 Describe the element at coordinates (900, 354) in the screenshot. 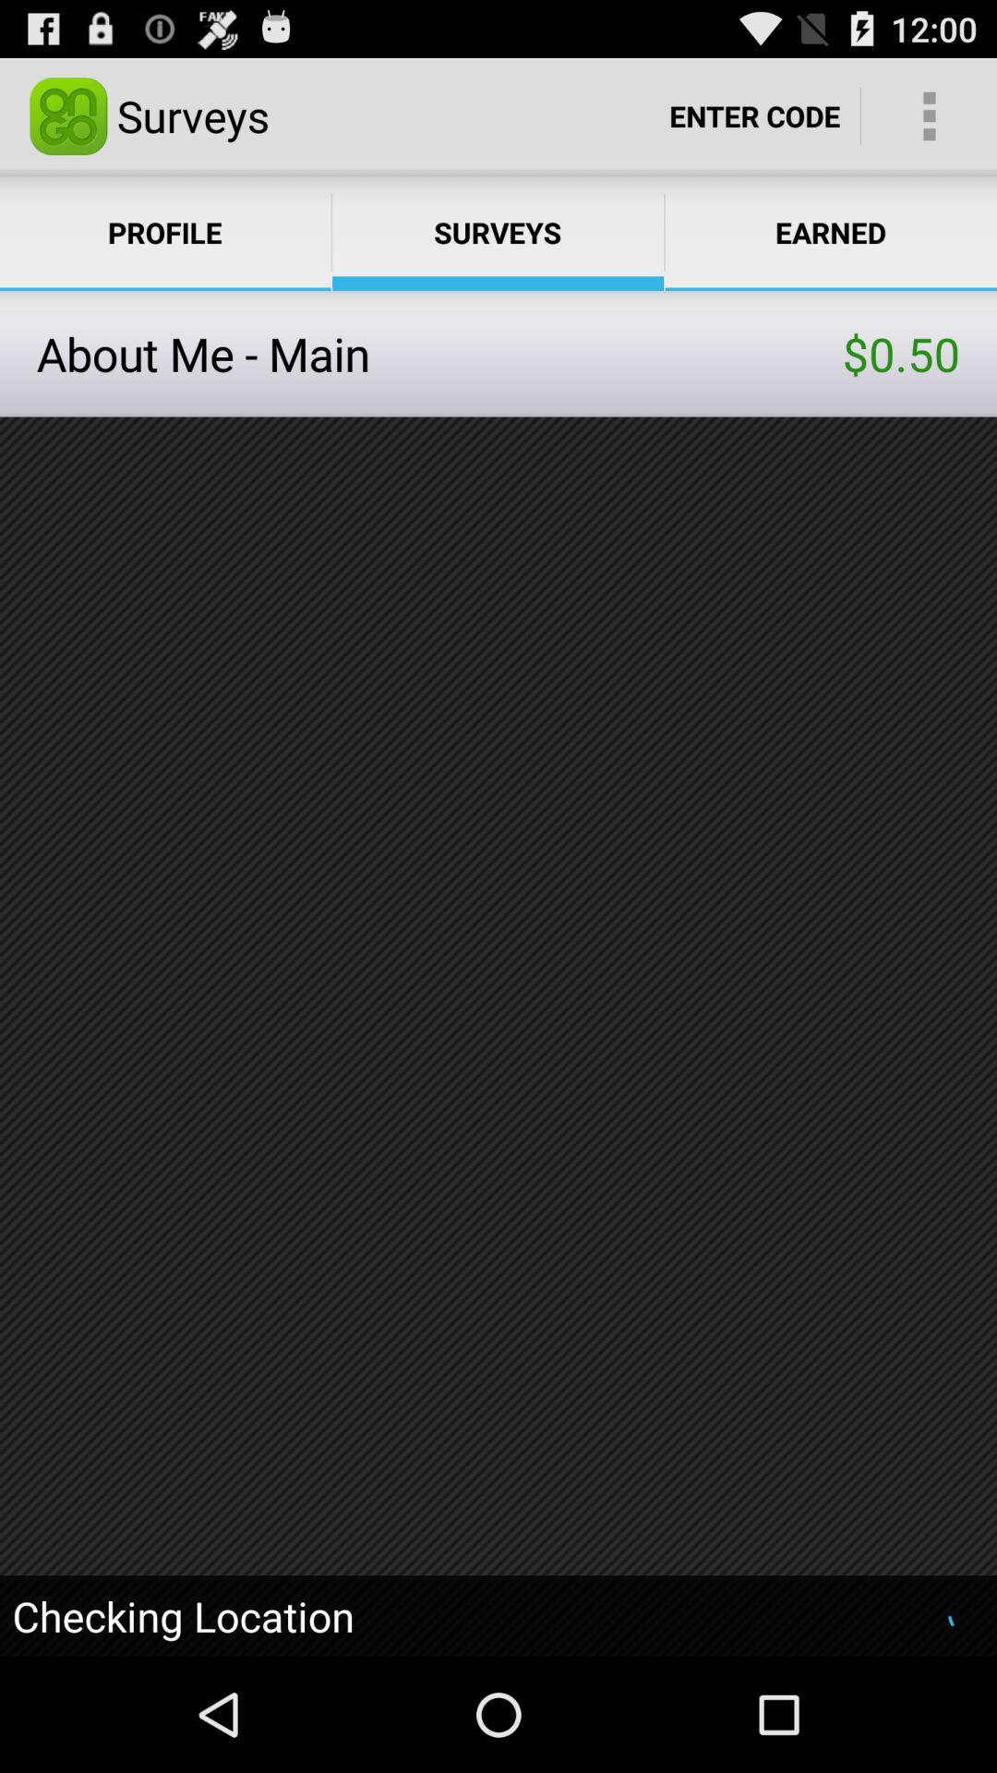

I see `the $0.50 icon` at that location.